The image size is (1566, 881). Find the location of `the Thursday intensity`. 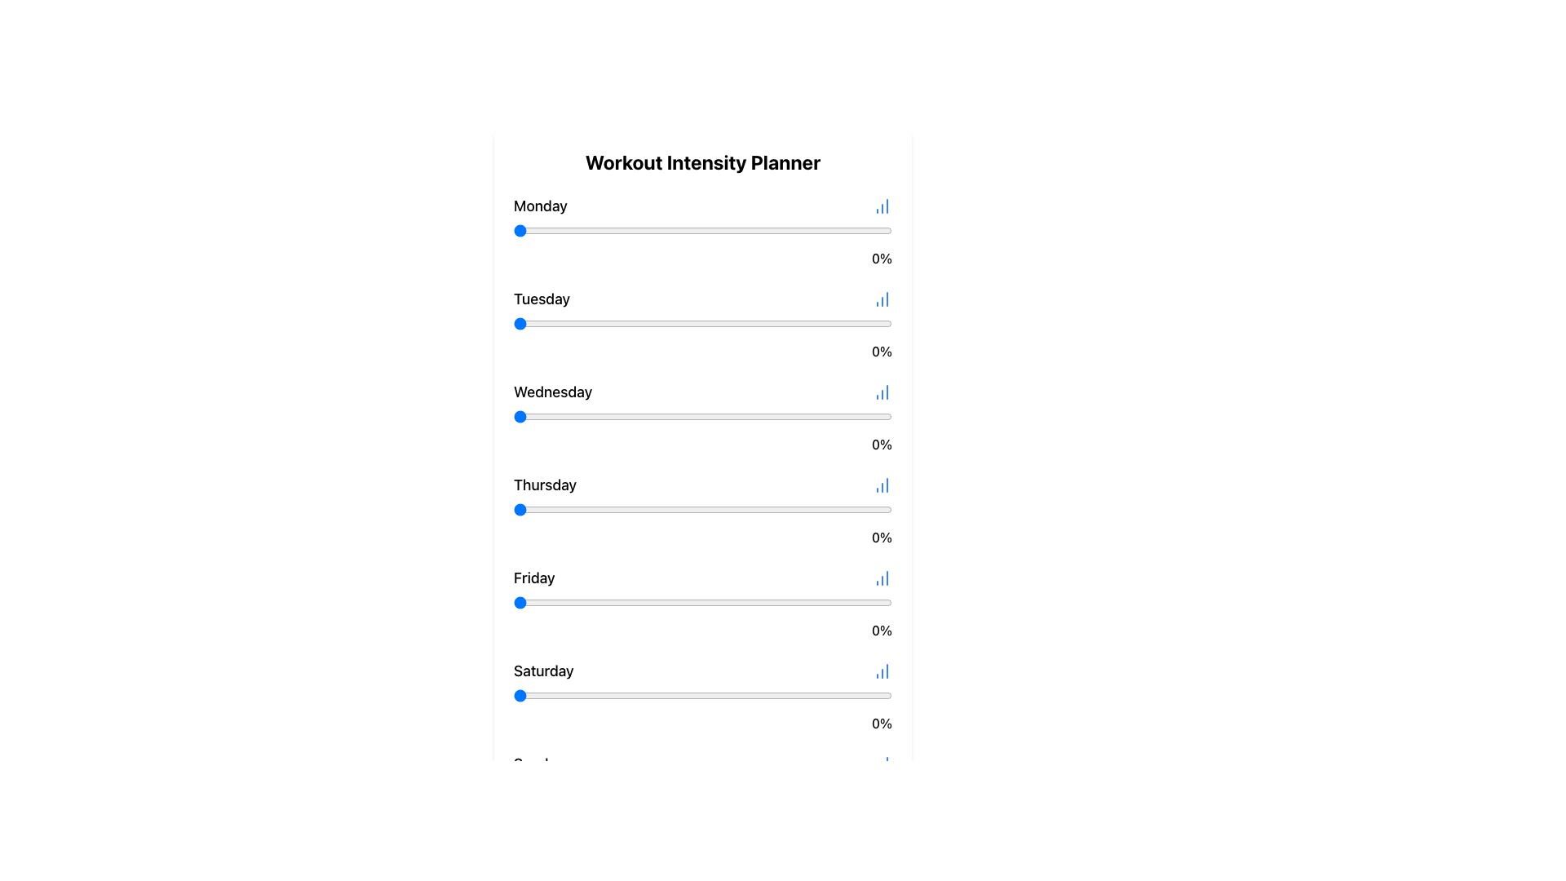

the Thursday intensity is located at coordinates (524, 508).